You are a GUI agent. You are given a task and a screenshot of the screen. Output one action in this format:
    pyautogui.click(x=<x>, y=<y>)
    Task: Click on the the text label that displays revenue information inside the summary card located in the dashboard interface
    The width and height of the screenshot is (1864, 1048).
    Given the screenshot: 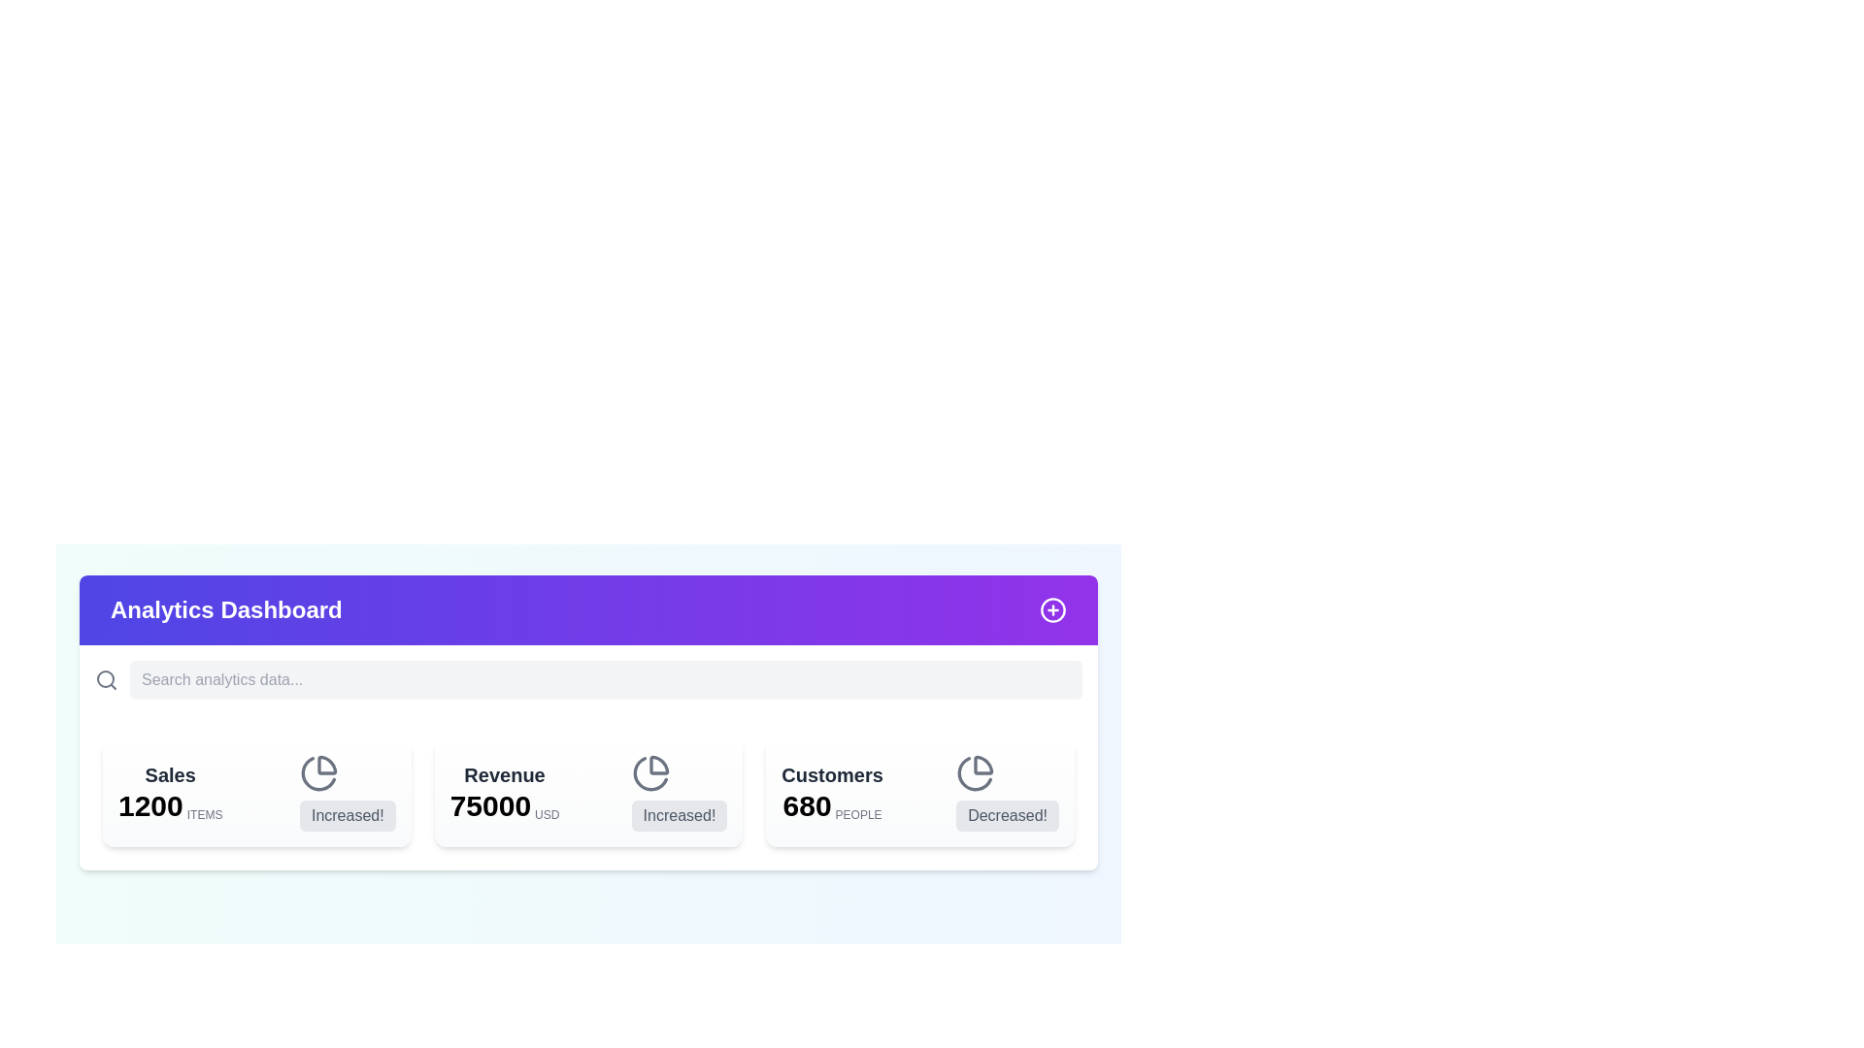 What is the action you would take?
    pyautogui.click(x=505, y=793)
    